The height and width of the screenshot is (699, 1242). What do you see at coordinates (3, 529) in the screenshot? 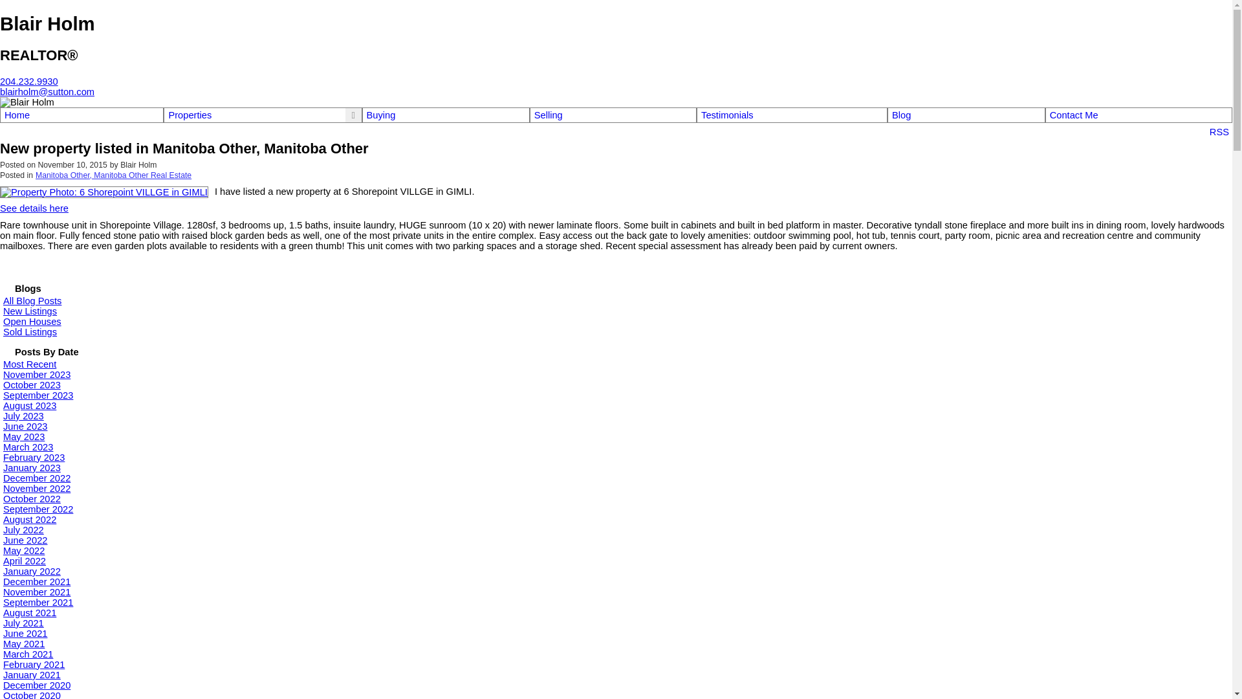
I see `'July 2022'` at bounding box center [3, 529].